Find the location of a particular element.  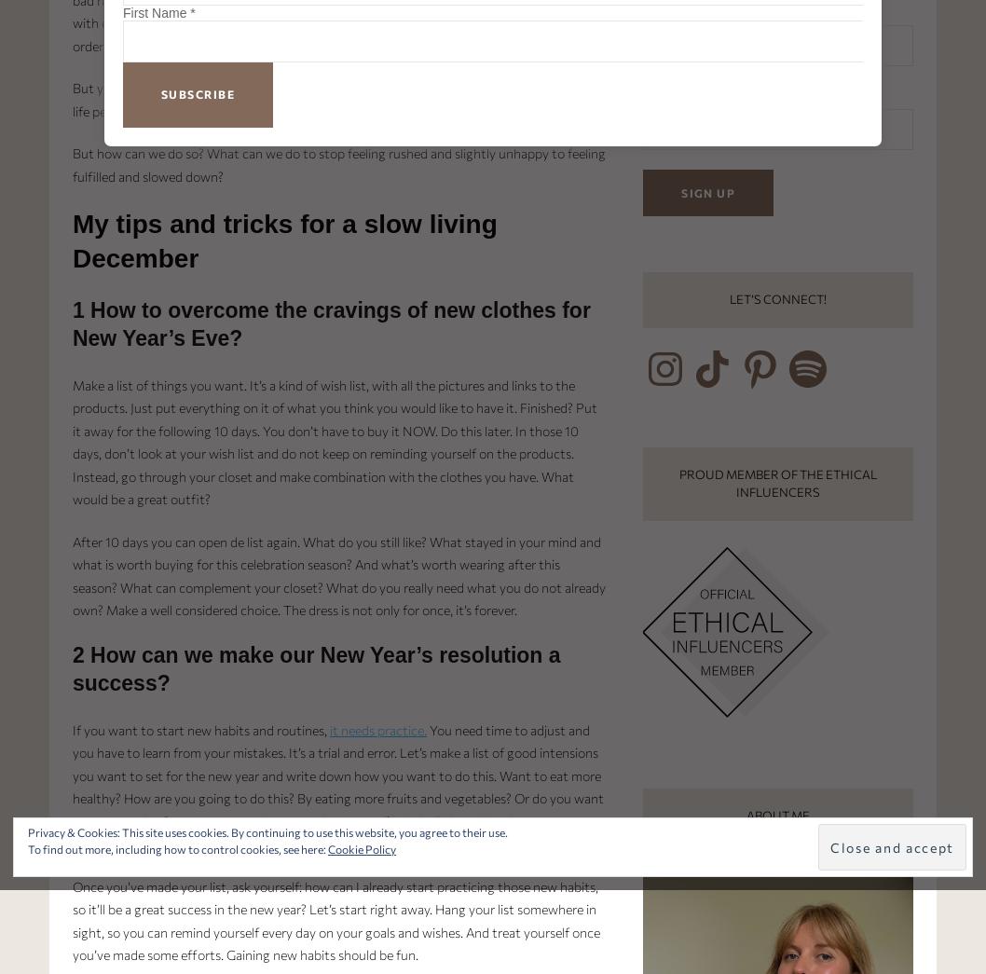

'After 10 days you can open de list again. What do you still like? What stayed in your mind and what is worth buying for this celebration season? And what’s worth wearing after this season? What can complement your closet? What do you really need what you do not already own? Make a well considered choice. The dress is not only for once, it’s forever.' is located at coordinates (337, 574).